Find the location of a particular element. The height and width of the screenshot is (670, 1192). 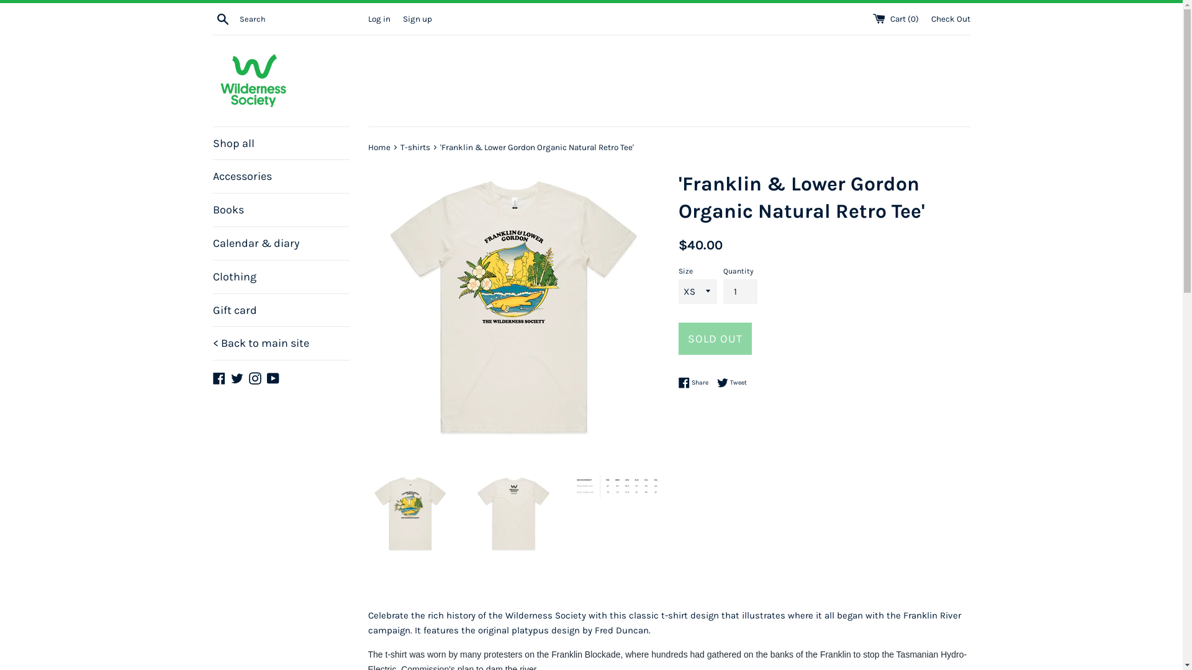

'Cart (0)' is located at coordinates (896, 18).